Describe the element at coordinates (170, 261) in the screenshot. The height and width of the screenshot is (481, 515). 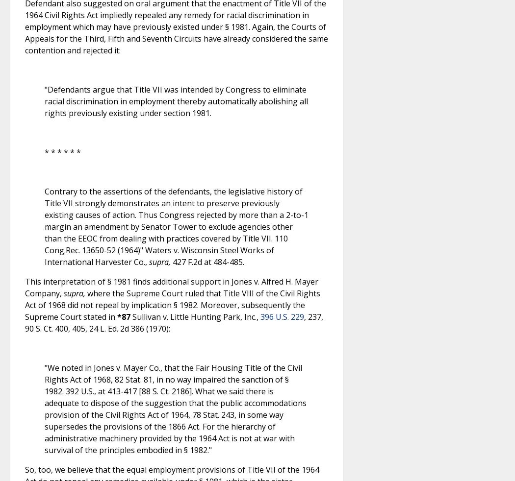
I see `'427 F.2d  at 484-485.'` at that location.